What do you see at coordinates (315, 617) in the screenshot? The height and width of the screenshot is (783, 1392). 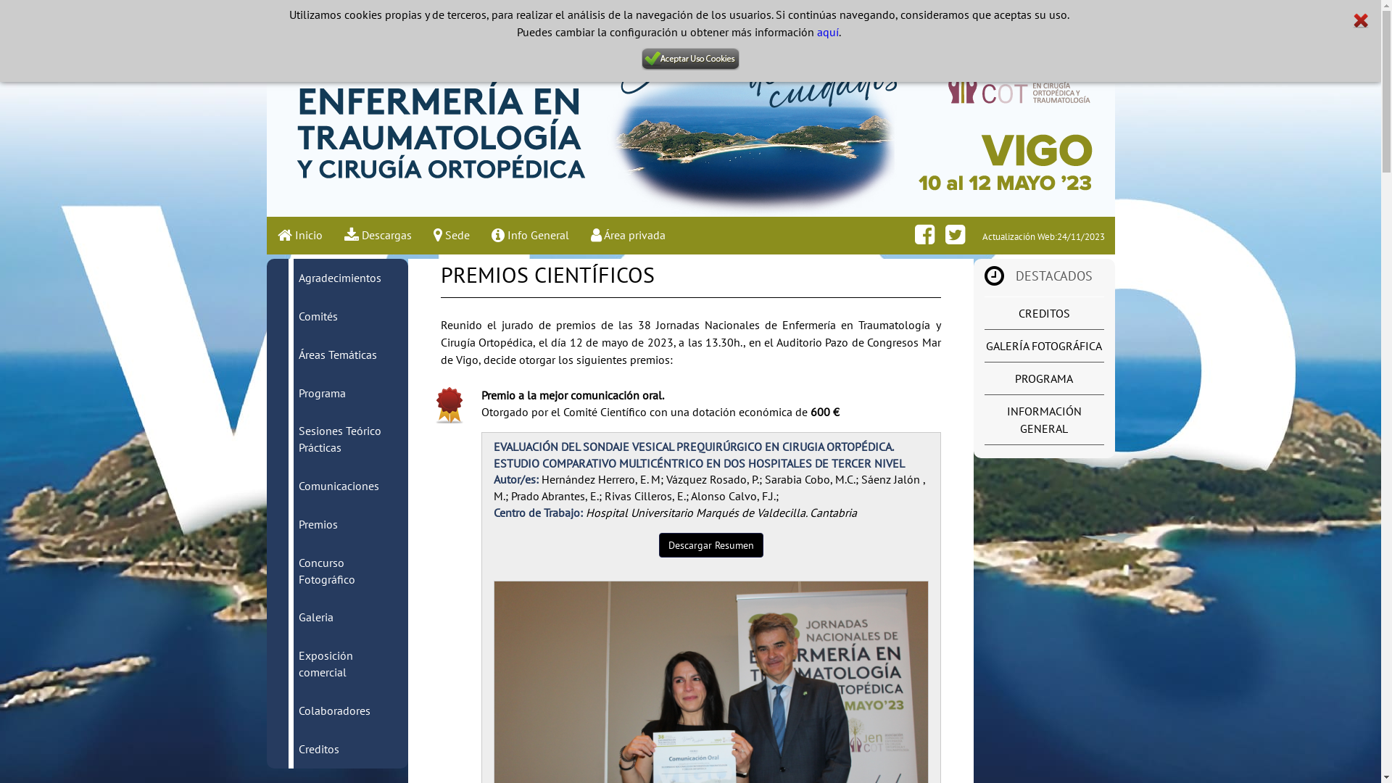 I see `'Galeria'` at bounding box center [315, 617].